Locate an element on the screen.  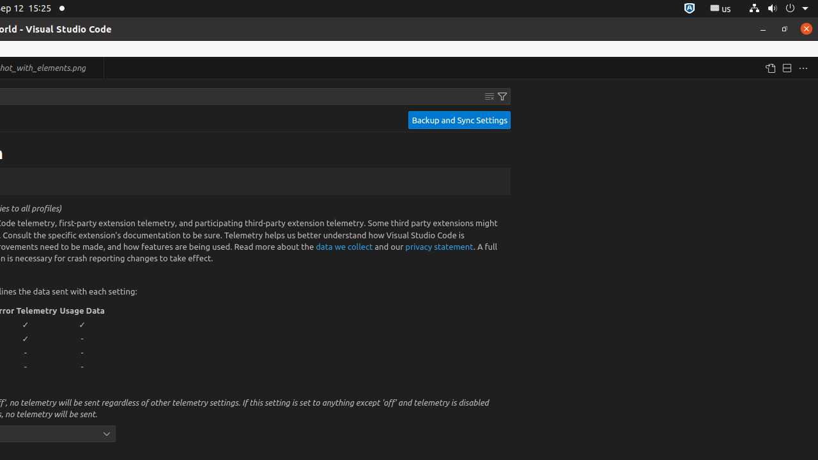
'data we collect' is located at coordinates (344, 246).